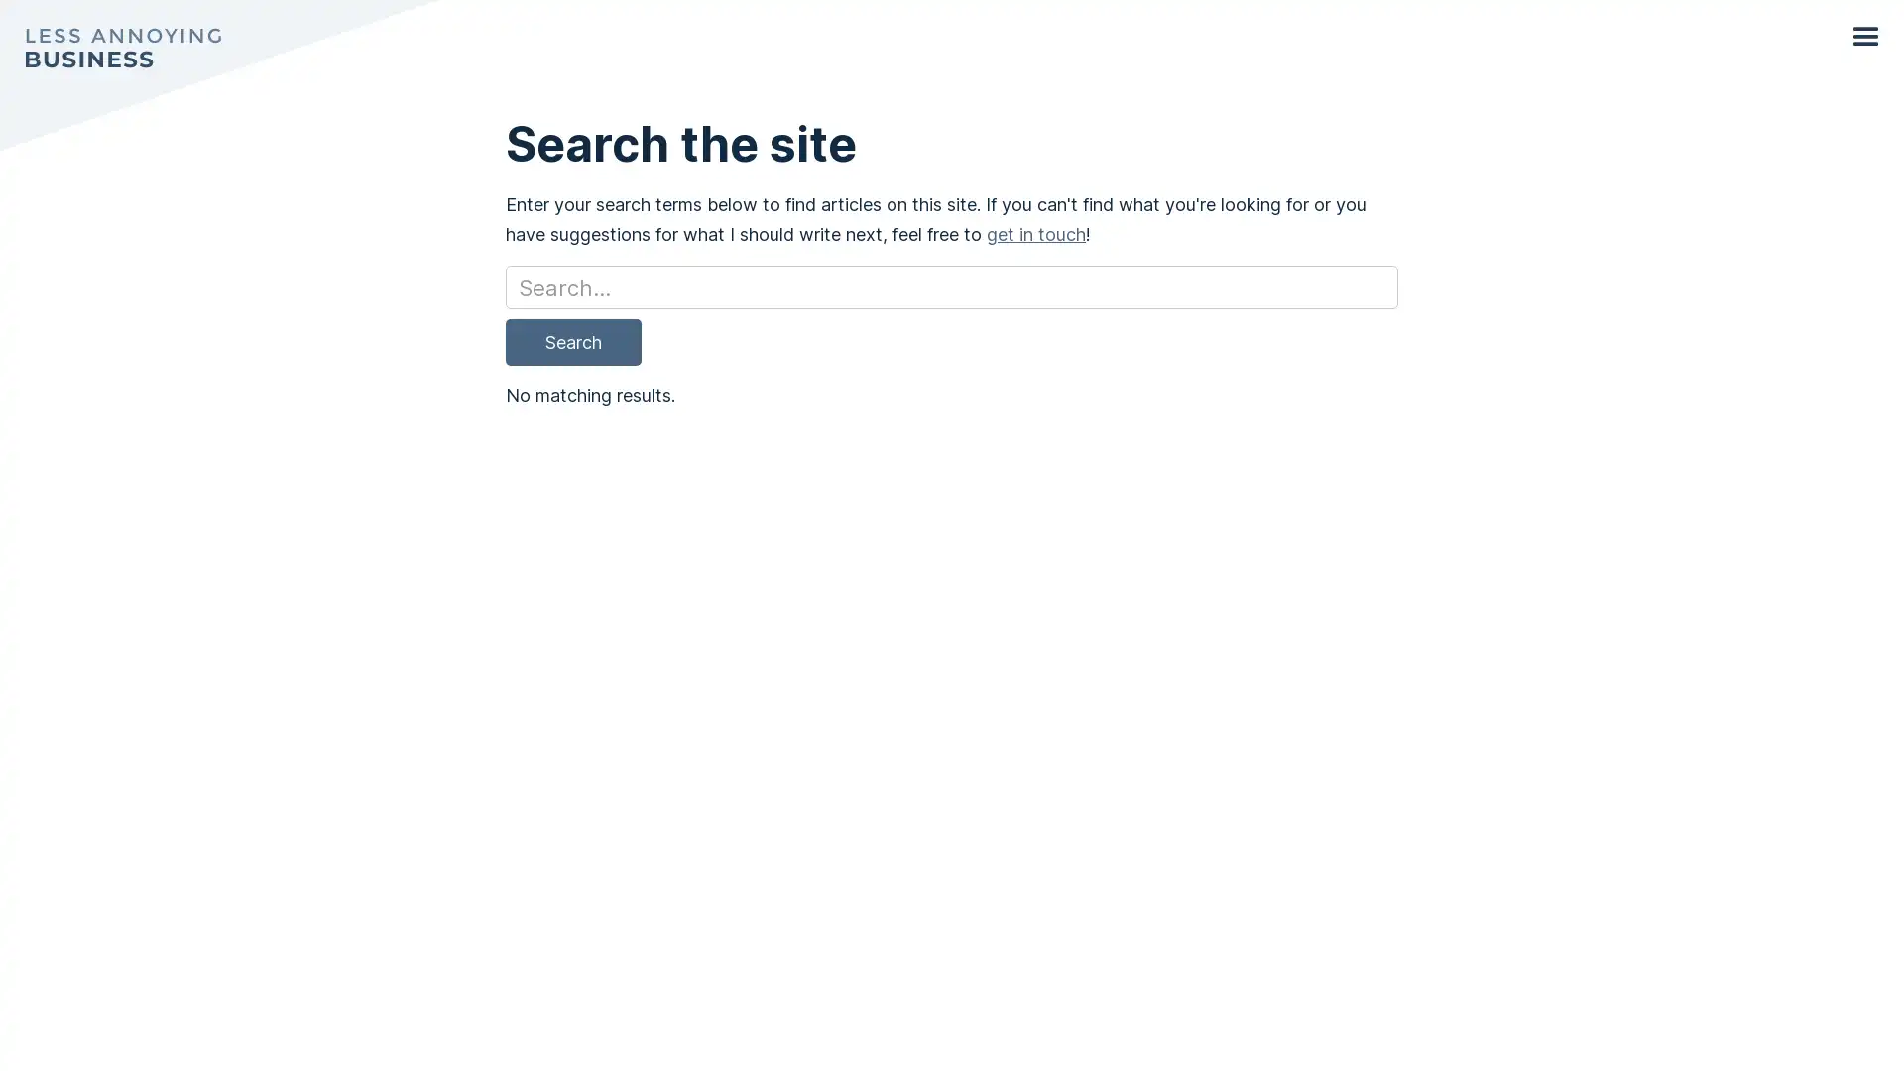 The width and height of the screenshot is (1904, 1071). I want to click on Search, so click(572, 340).